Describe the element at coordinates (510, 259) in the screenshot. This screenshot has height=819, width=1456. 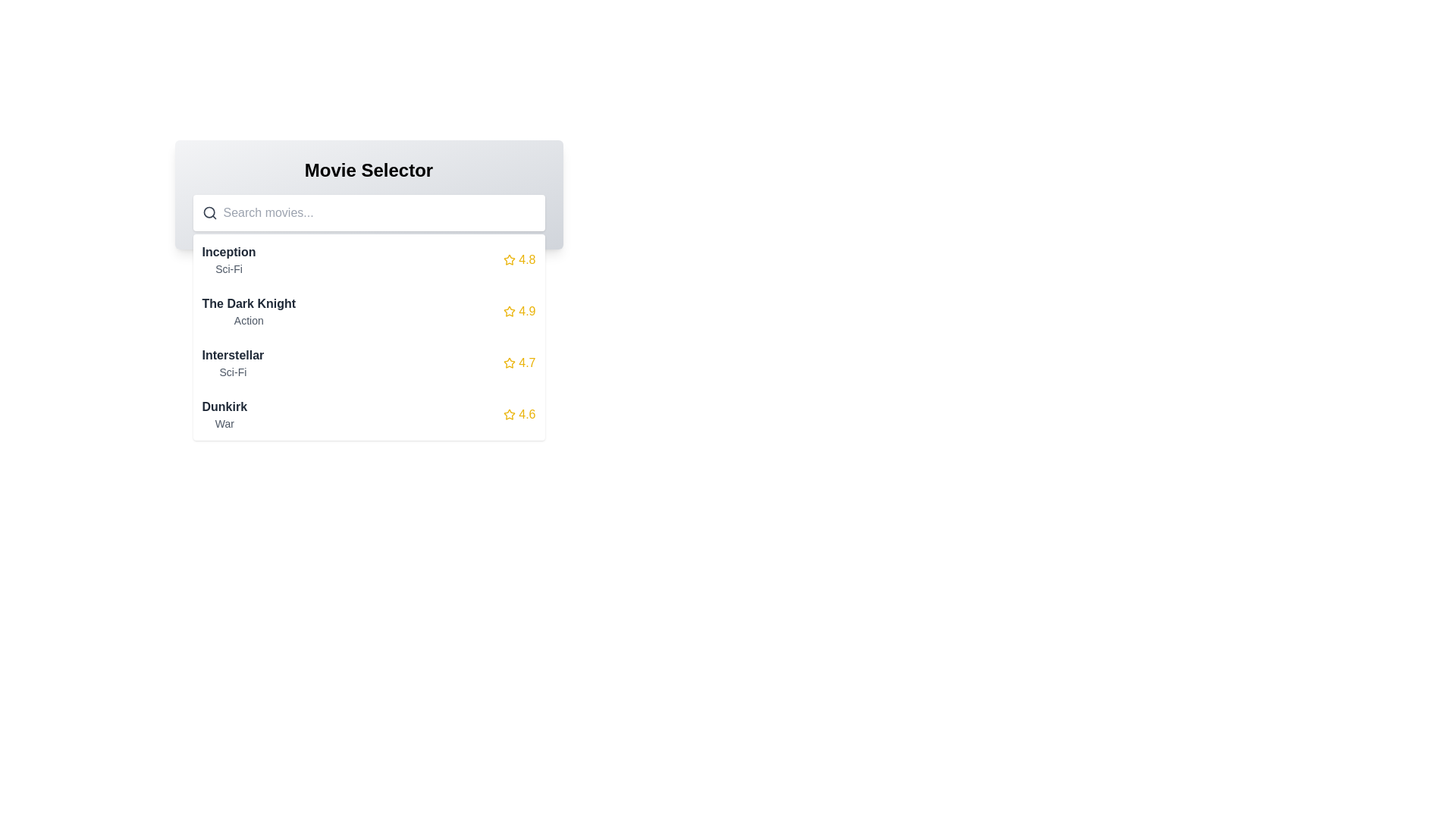
I see `the star-shaped icon with a hollow center, styled with a yellow outline, located next to the text 'Inception' and before the number '4.8'` at that location.